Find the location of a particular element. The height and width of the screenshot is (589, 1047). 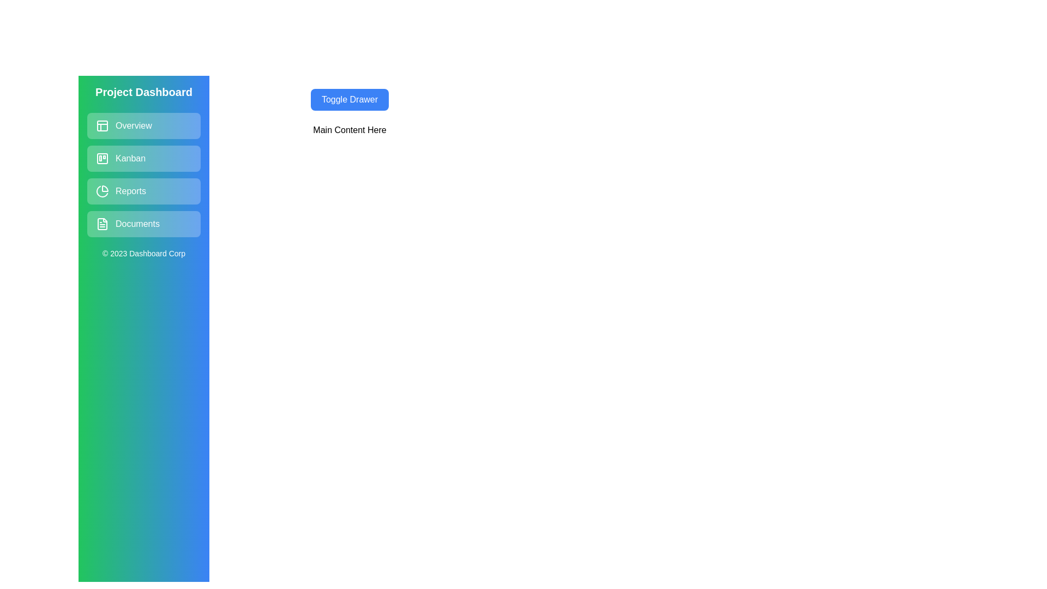

the navigation item Overview in the drawer is located at coordinates (143, 125).